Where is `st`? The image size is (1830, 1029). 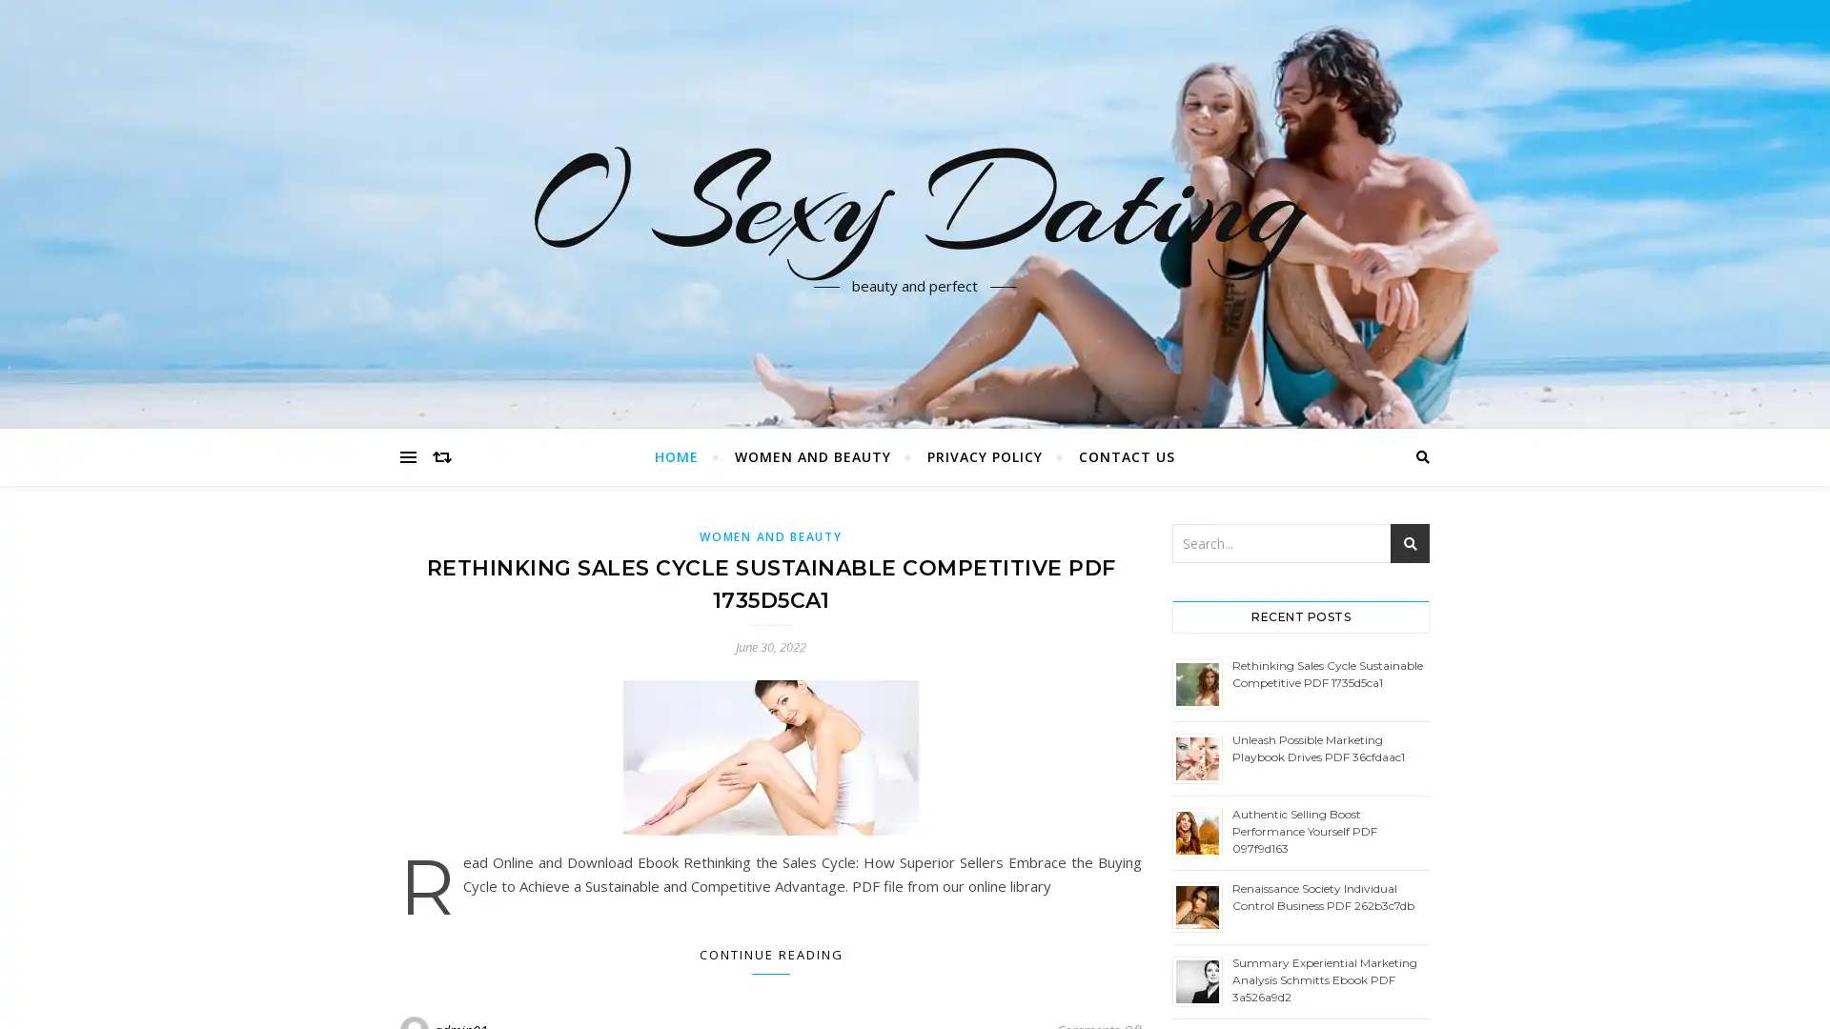
st is located at coordinates (1410, 543).